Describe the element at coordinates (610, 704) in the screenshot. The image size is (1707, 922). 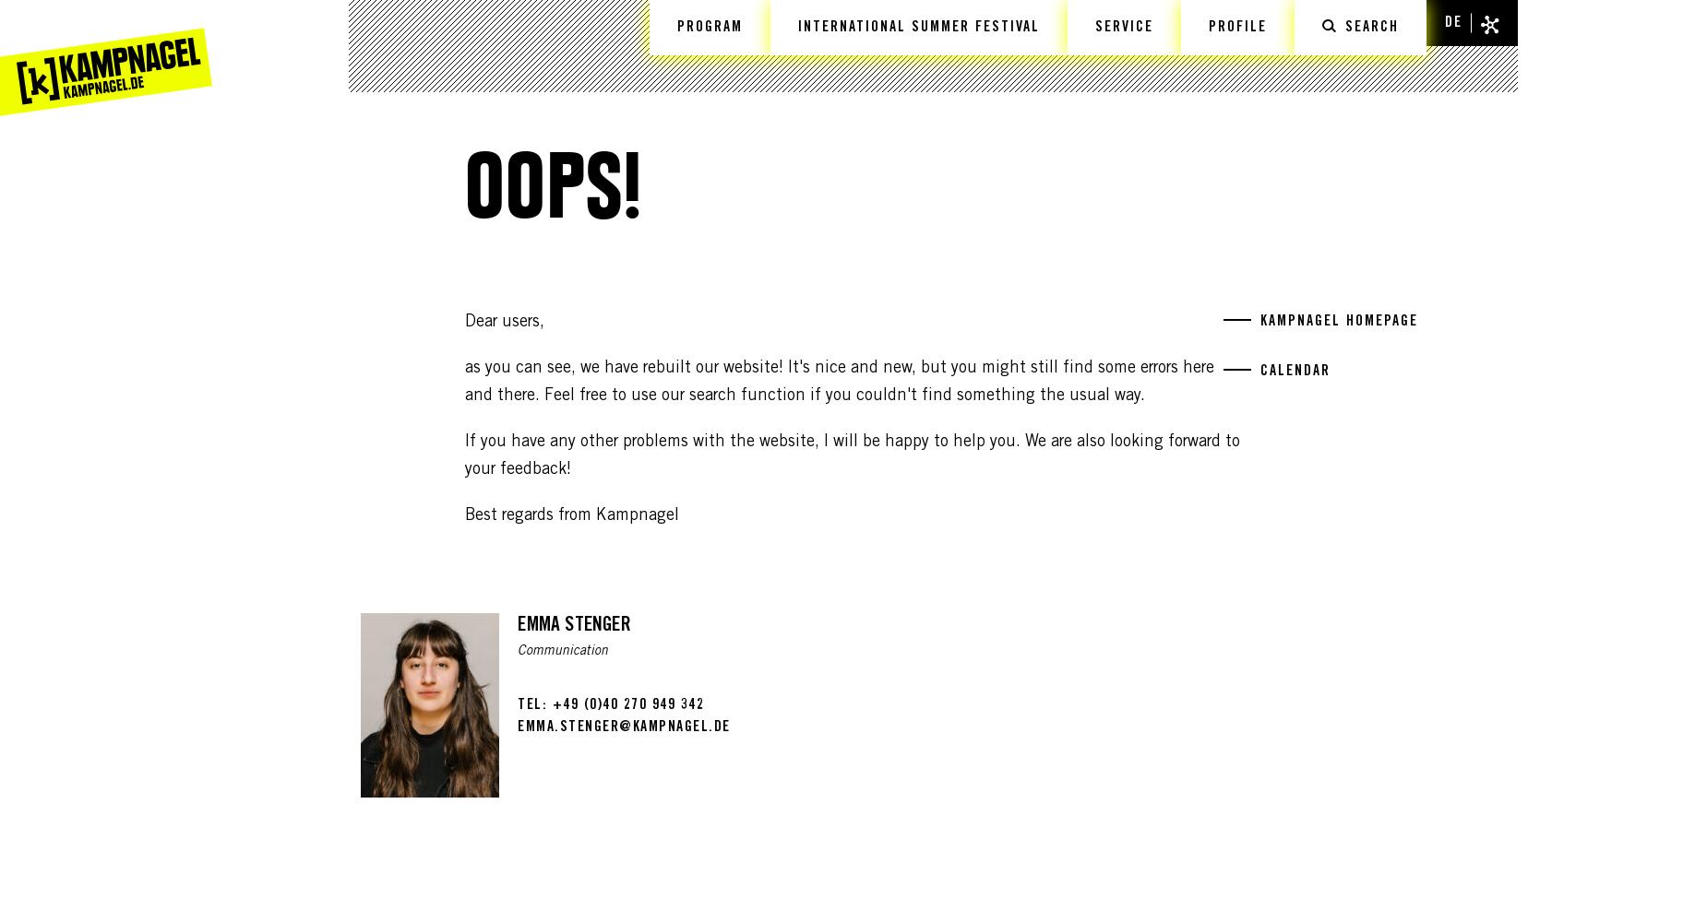
I see `'Tel: +49 (0)40 270 949 342'` at that location.